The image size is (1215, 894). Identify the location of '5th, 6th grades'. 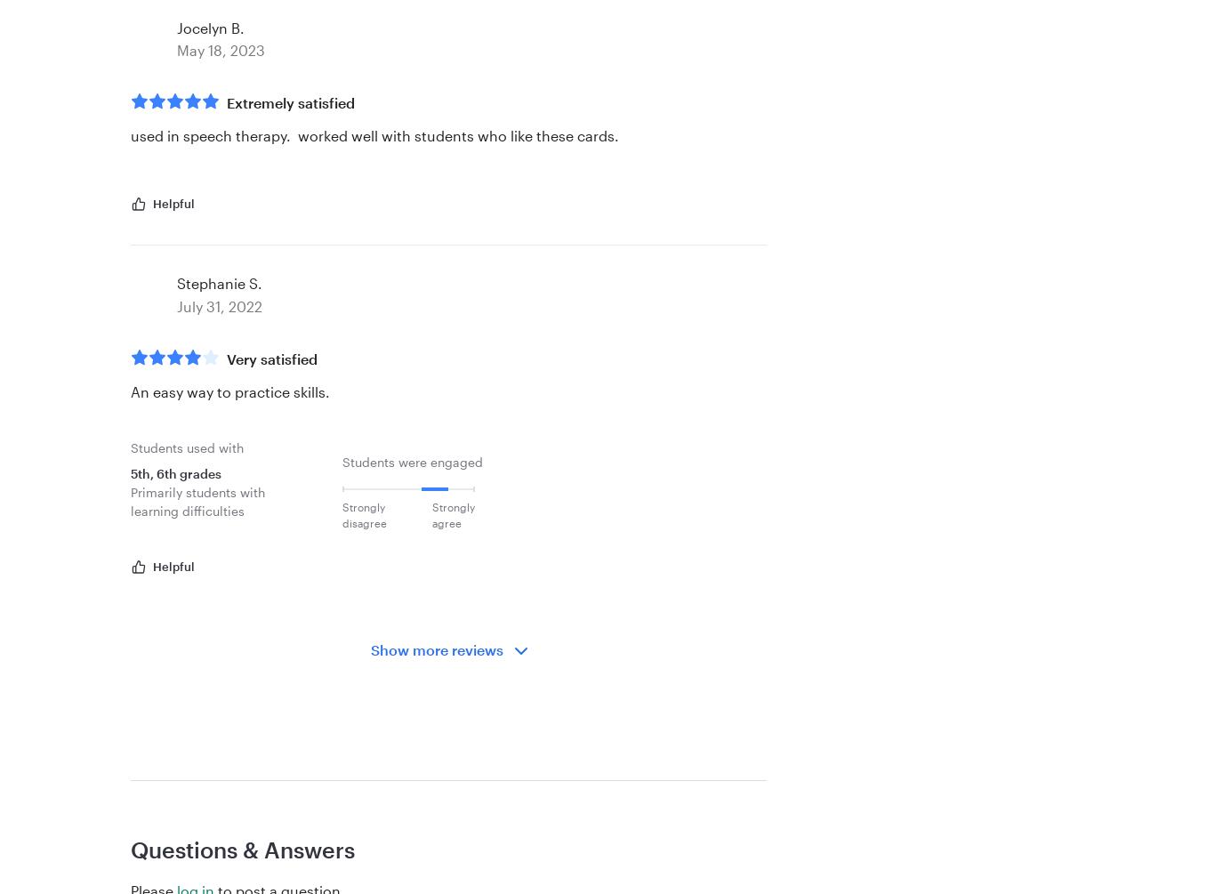
(174, 472).